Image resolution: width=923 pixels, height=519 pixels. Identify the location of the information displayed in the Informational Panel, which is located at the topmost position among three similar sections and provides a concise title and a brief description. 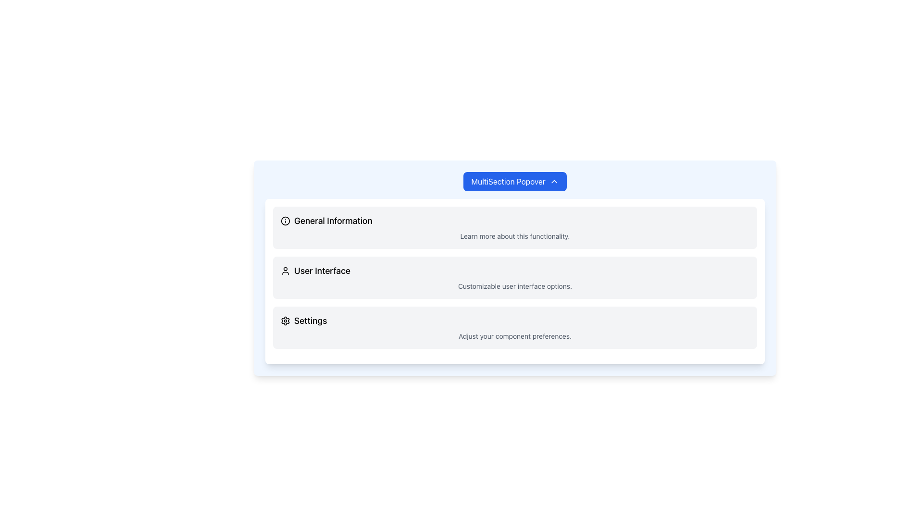
(514, 228).